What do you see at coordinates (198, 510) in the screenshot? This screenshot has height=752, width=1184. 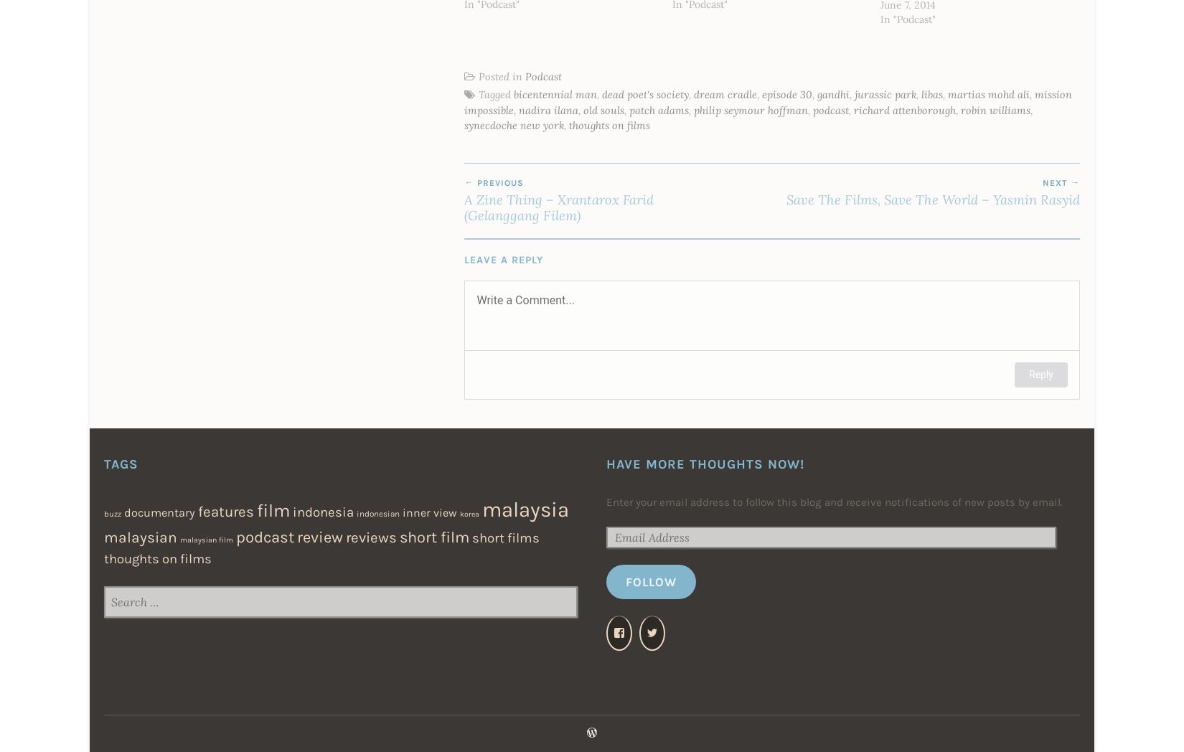 I see `'features'` at bounding box center [198, 510].